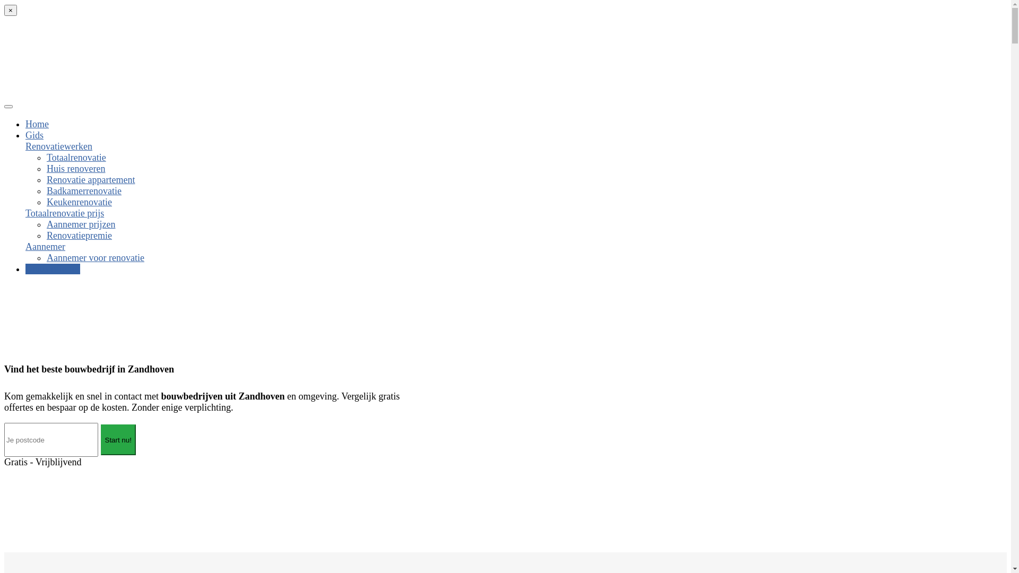  What do you see at coordinates (45, 247) in the screenshot?
I see `'Aannemer'` at bounding box center [45, 247].